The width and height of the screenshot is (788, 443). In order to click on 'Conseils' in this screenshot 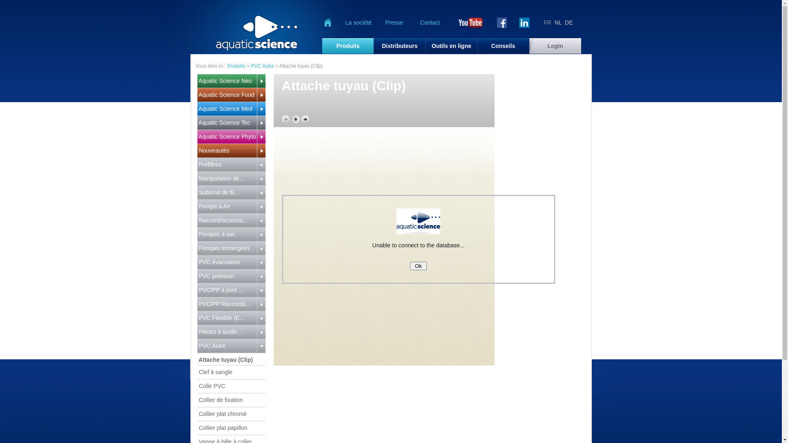, I will do `click(477, 46)`.